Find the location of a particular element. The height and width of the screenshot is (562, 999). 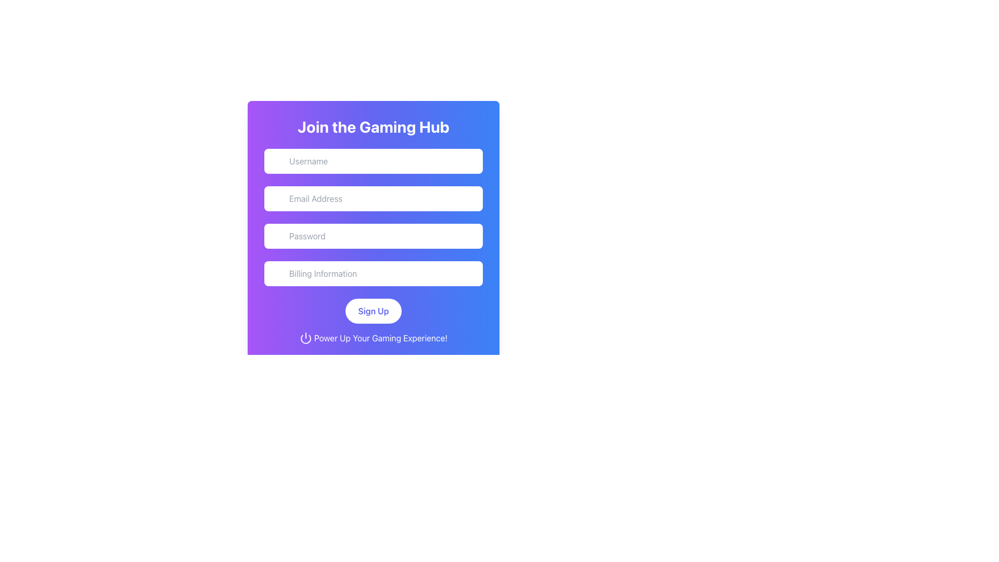

the 'Sign Up' button, which is a white rounded rectangle with indigo text, to trigger a visual state change is located at coordinates (374, 310).